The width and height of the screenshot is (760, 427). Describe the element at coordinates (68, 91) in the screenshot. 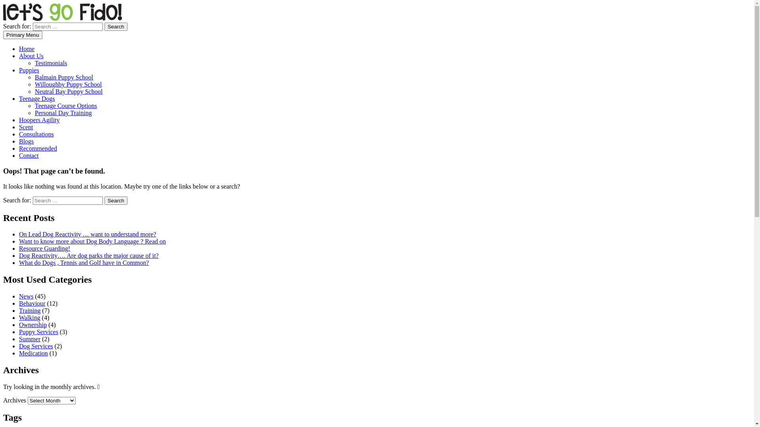

I see `'Neutral Bay Puppy School'` at that location.